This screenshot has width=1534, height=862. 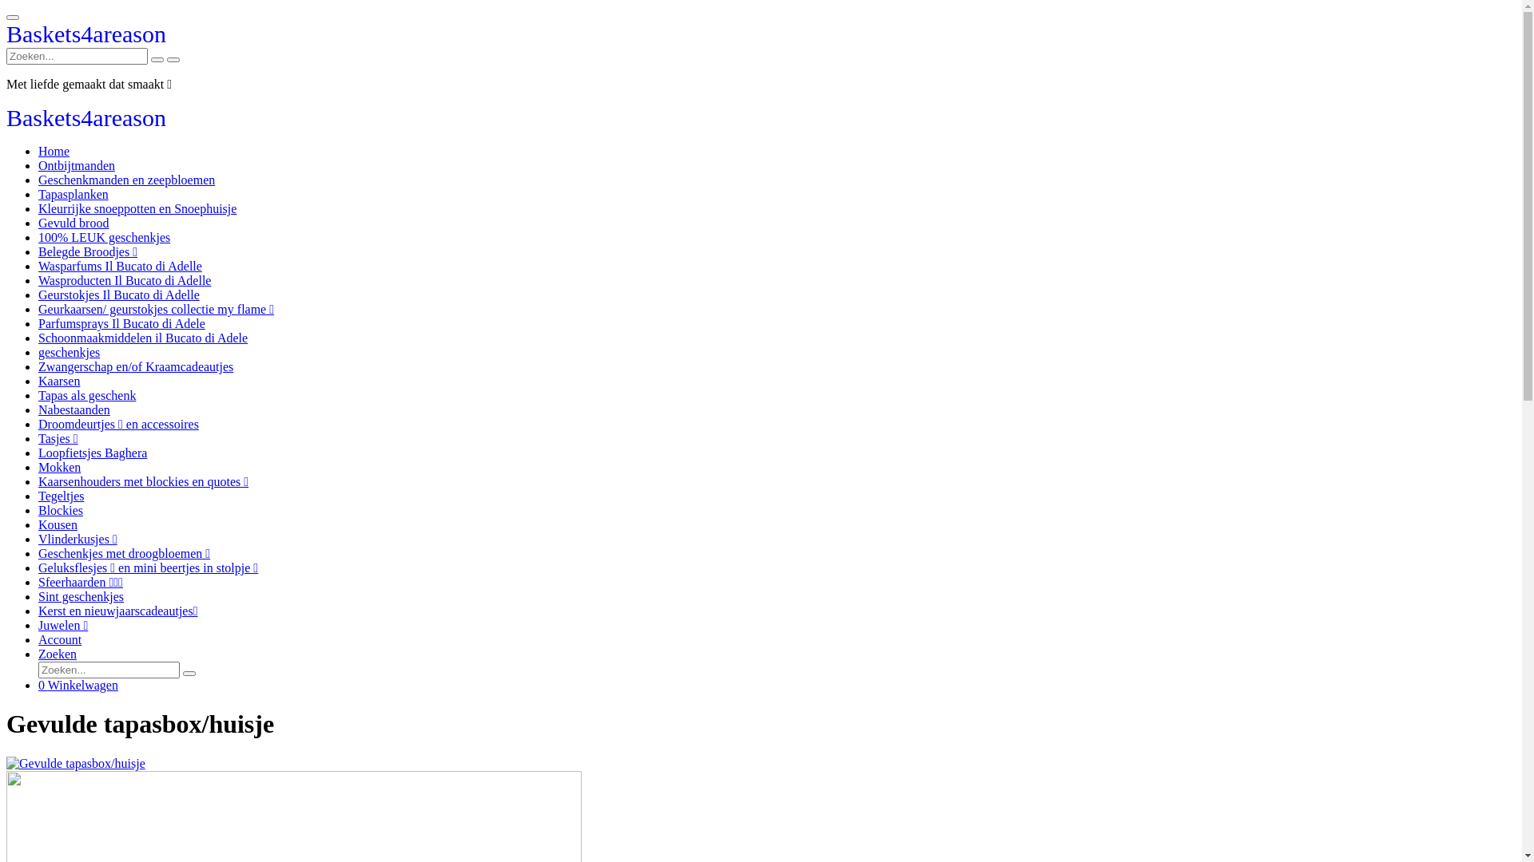 I want to click on 'Schoonmaakmiddelen il Bucato di Adele', so click(x=142, y=337).